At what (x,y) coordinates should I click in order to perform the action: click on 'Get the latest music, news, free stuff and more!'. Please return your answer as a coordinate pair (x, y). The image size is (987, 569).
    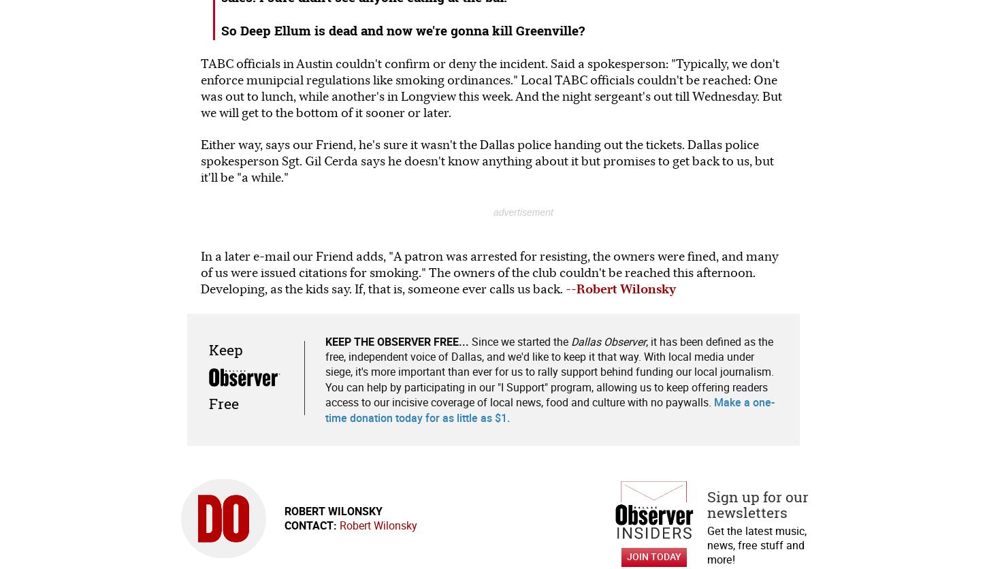
    Looking at the image, I should click on (756, 544).